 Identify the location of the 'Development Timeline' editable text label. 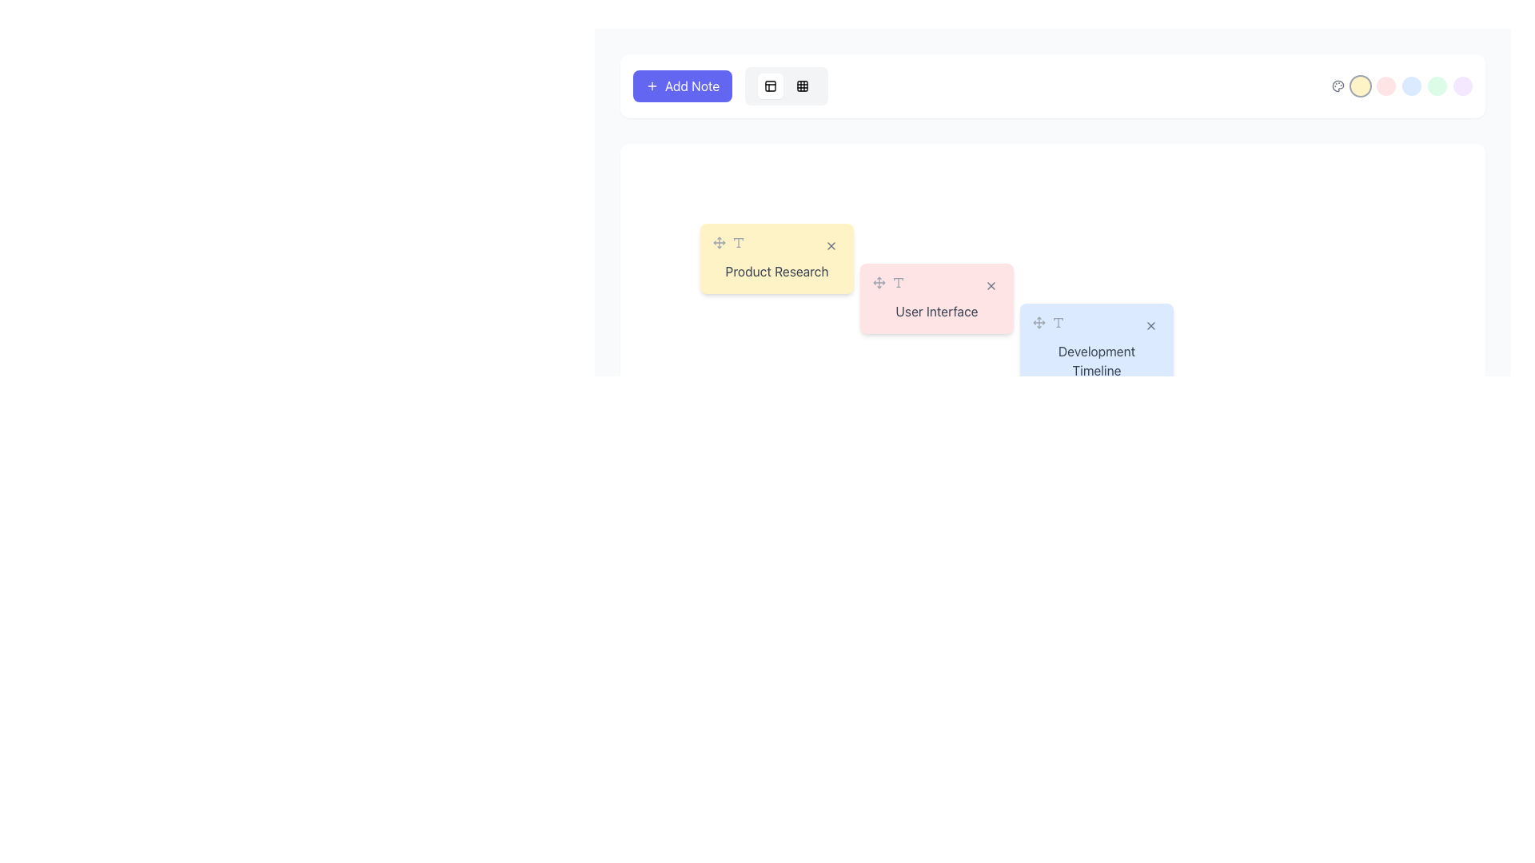
(1096, 360).